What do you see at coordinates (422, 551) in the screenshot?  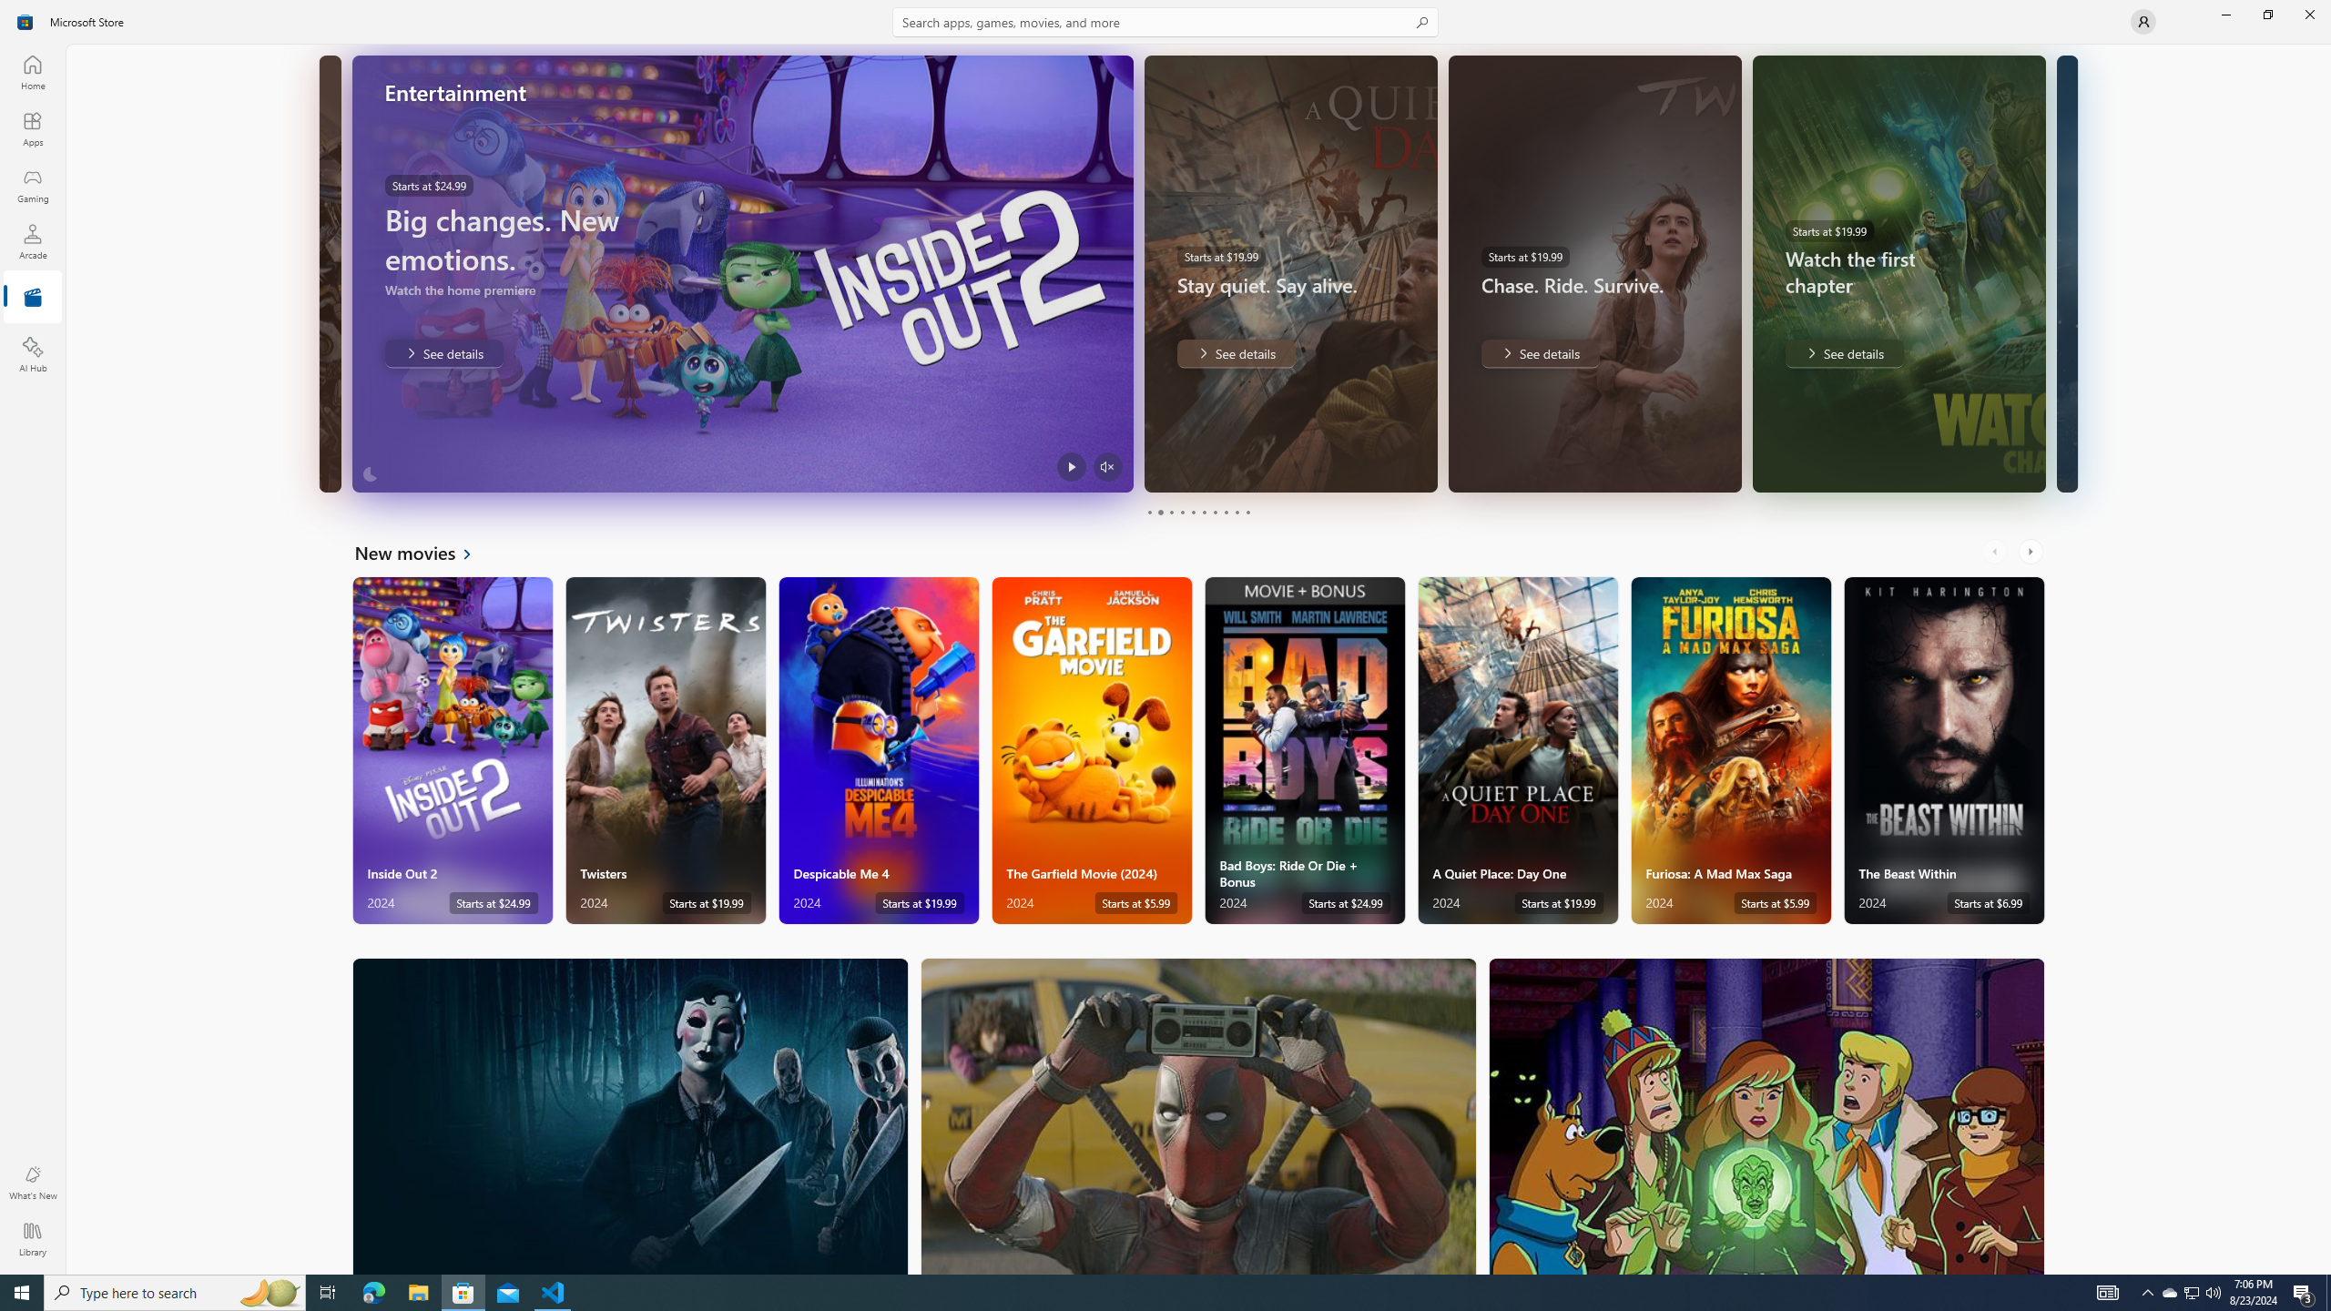 I see `'See all  New movies'` at bounding box center [422, 551].